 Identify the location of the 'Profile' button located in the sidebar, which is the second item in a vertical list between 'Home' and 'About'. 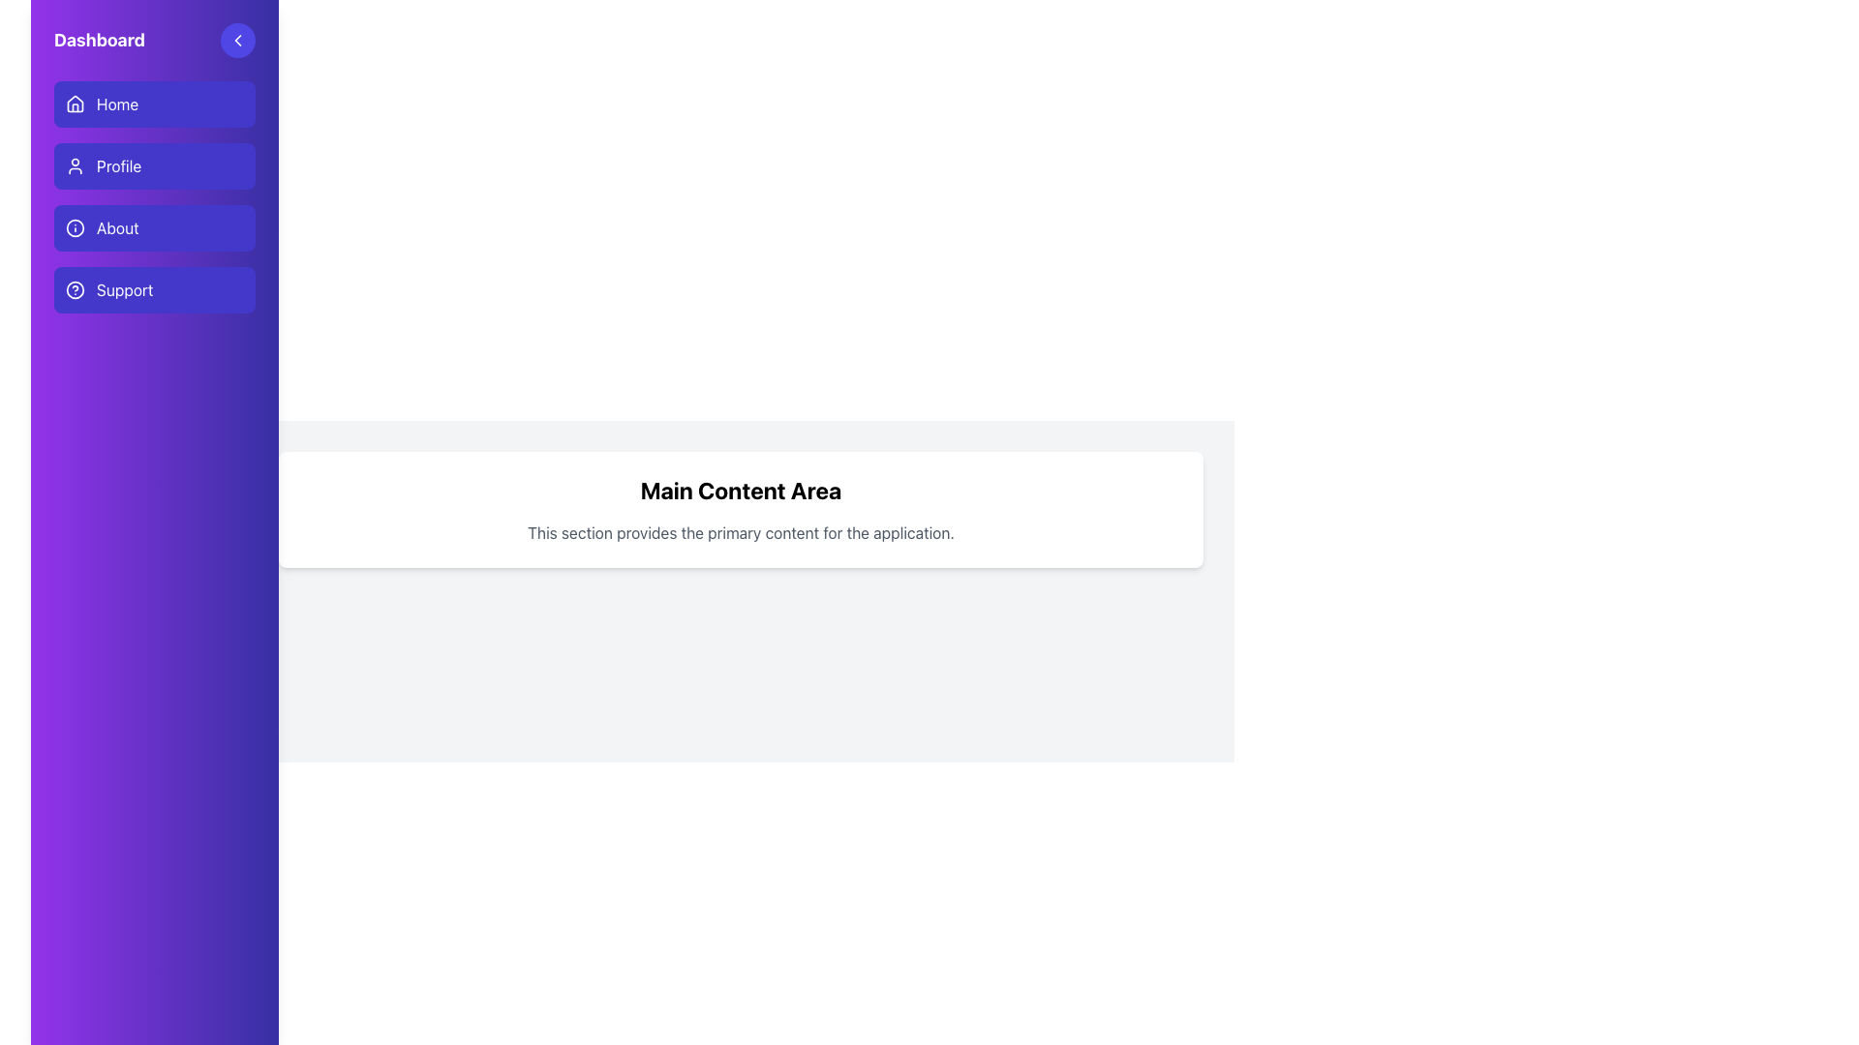
(153, 197).